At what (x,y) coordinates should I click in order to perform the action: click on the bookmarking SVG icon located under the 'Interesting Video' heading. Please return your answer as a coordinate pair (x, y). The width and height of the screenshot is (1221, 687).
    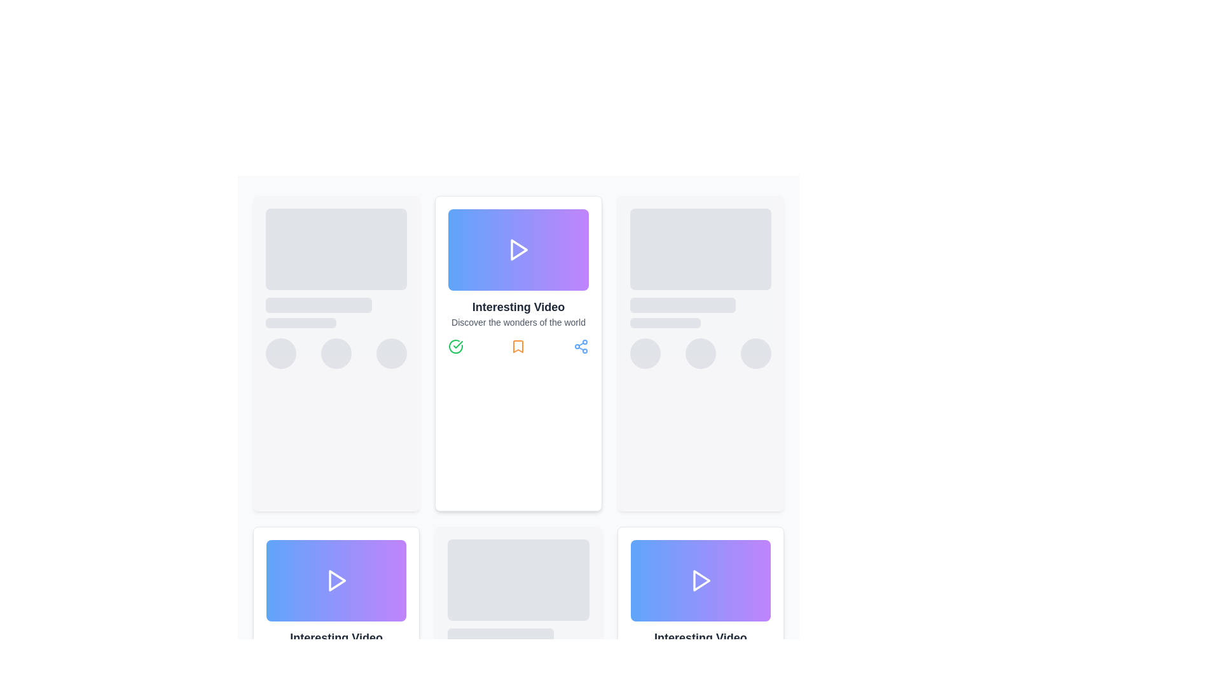
    Looking at the image, I should click on (518, 346).